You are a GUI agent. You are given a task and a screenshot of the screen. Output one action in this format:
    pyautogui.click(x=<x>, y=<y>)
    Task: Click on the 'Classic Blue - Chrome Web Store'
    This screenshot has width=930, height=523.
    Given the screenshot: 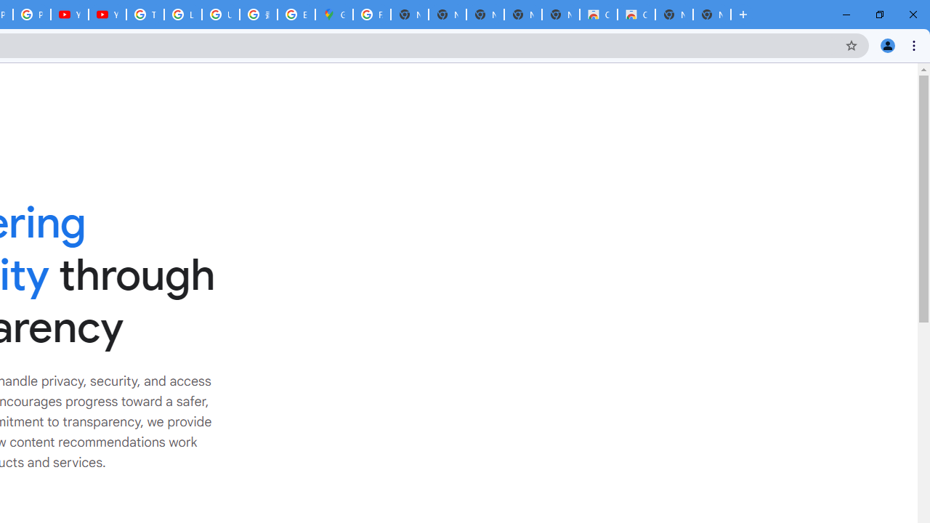 What is the action you would take?
    pyautogui.click(x=636, y=15)
    